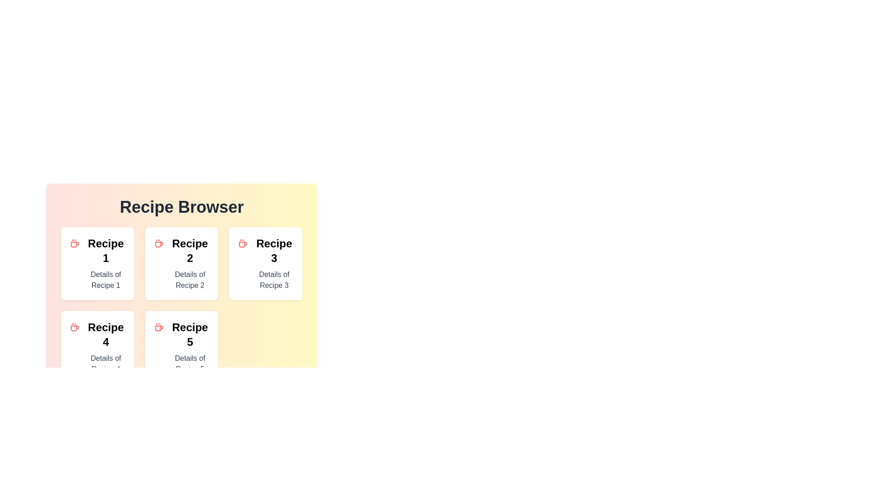  I want to click on text element titled 'Recipe 5' which displays the title in bold and the description in gray, located in the center column of the lower row in the grid layout, so click(190, 348).